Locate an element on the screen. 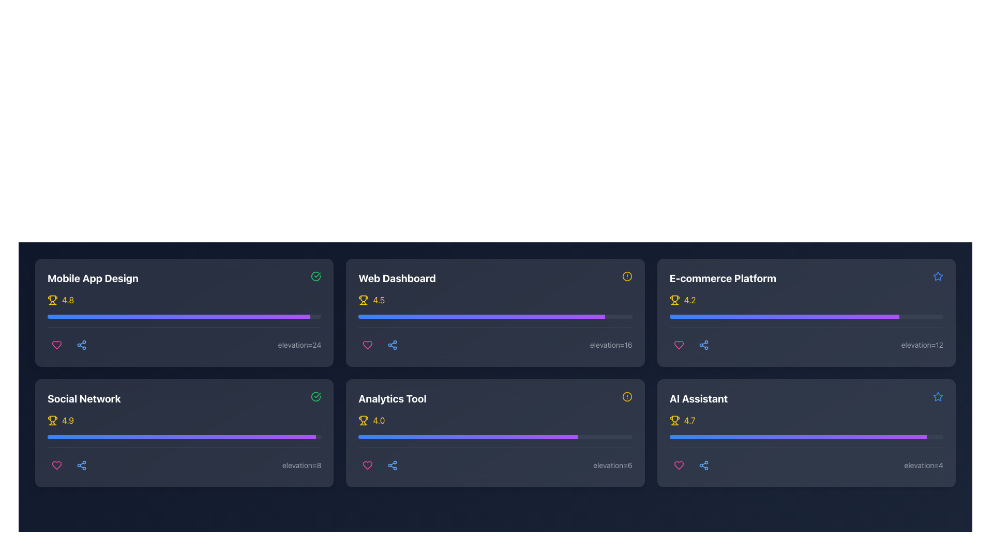  the 'Share' button located at the bottom of the 'Web Dashboard' card is located at coordinates (392, 345).